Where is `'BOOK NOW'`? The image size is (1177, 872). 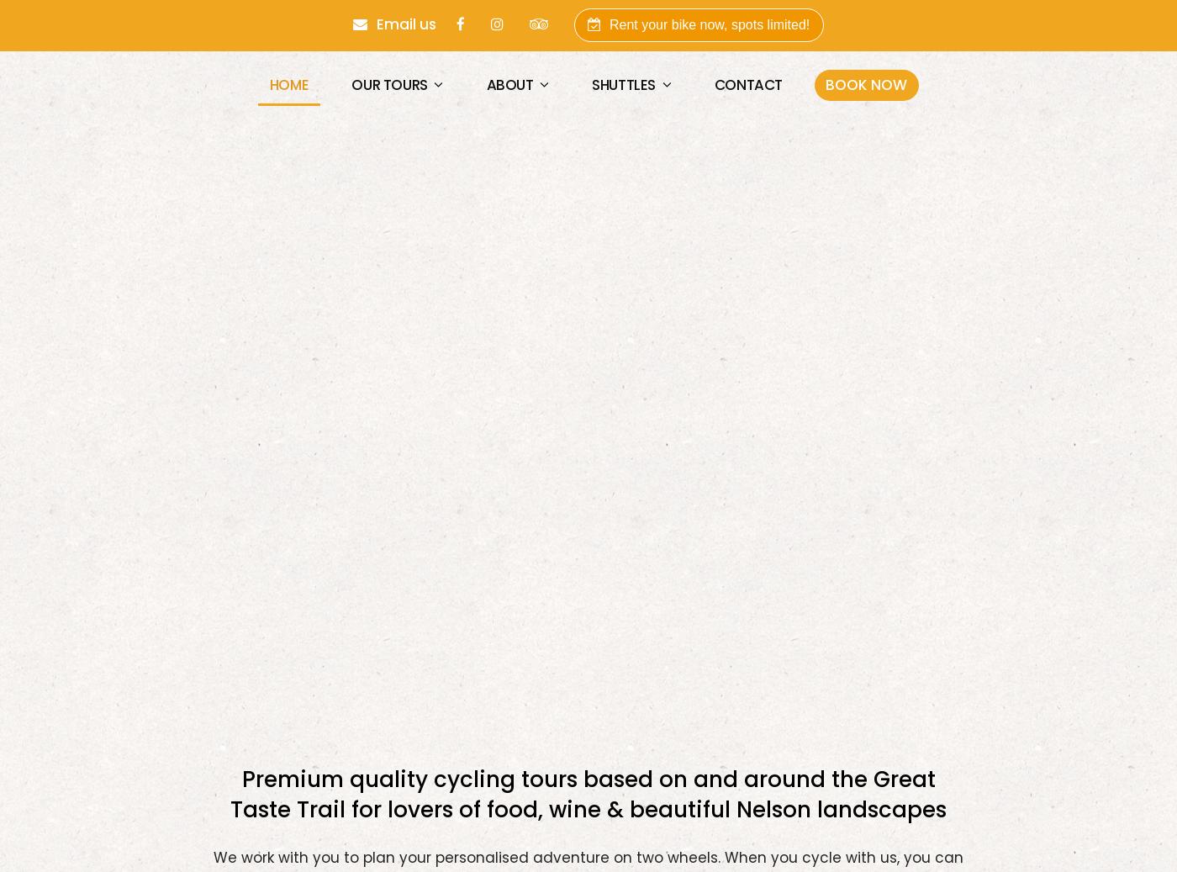
'BOOK NOW' is located at coordinates (866, 84).